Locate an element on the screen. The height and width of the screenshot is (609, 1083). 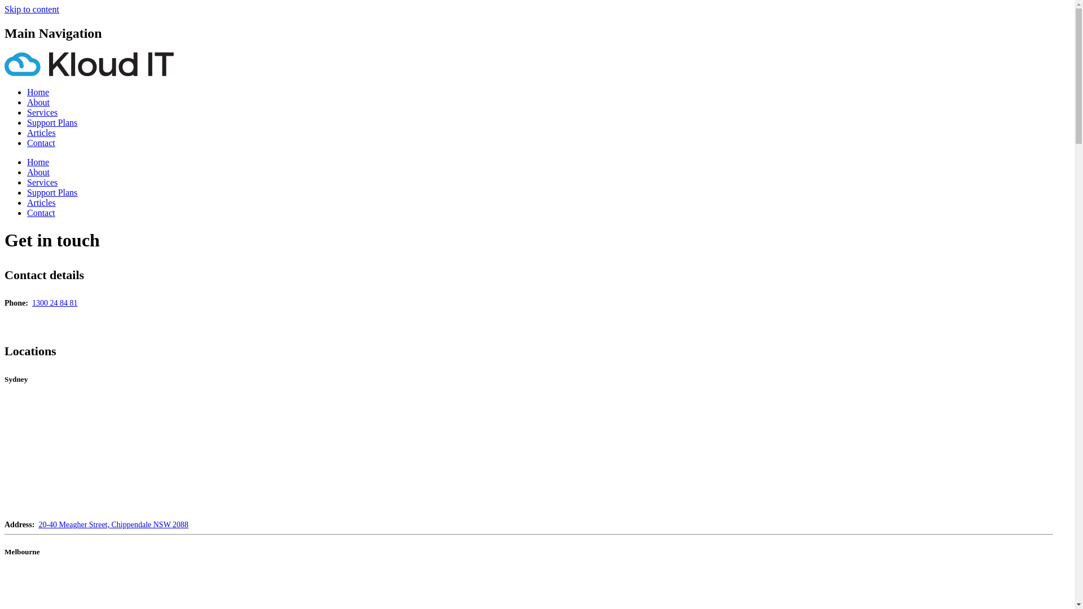
'20-40 Meagher Street, Chippendale NSW 2088' is located at coordinates (38, 524).